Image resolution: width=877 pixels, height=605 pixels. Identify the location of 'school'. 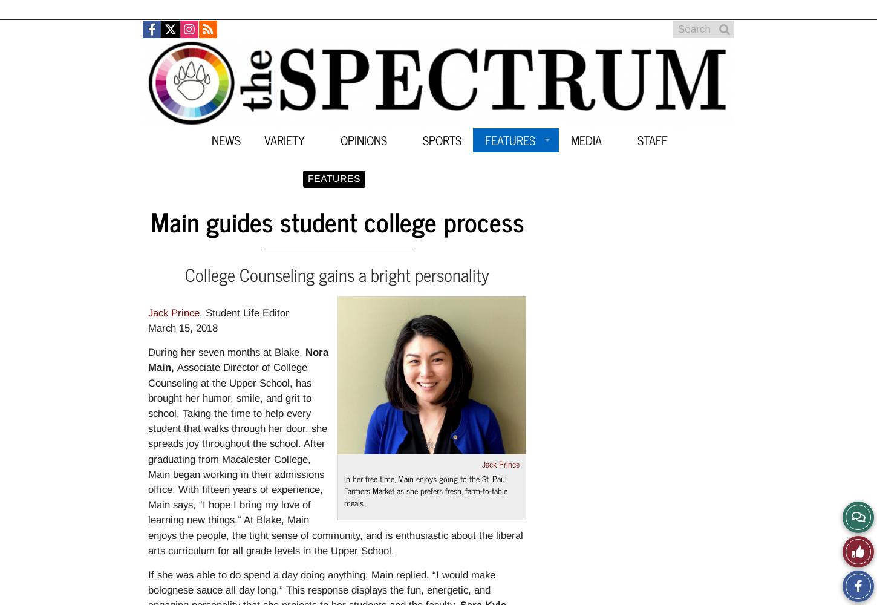
(148, 413).